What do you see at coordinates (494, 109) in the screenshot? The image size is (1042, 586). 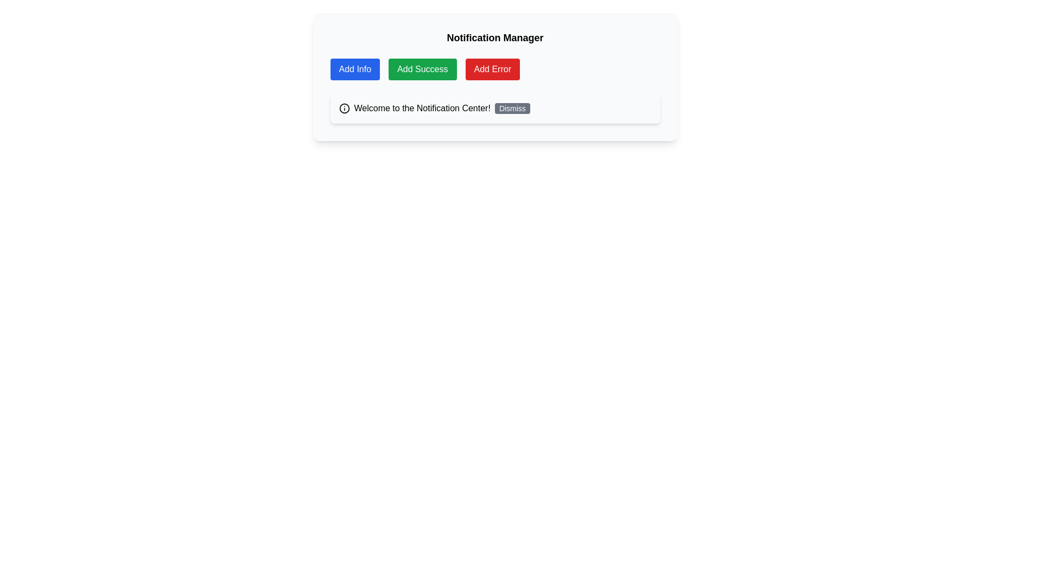 I see `the info icon or the notification text in the Notification Card that reads 'Welcome to the Notification Center!' for further details` at bounding box center [494, 109].